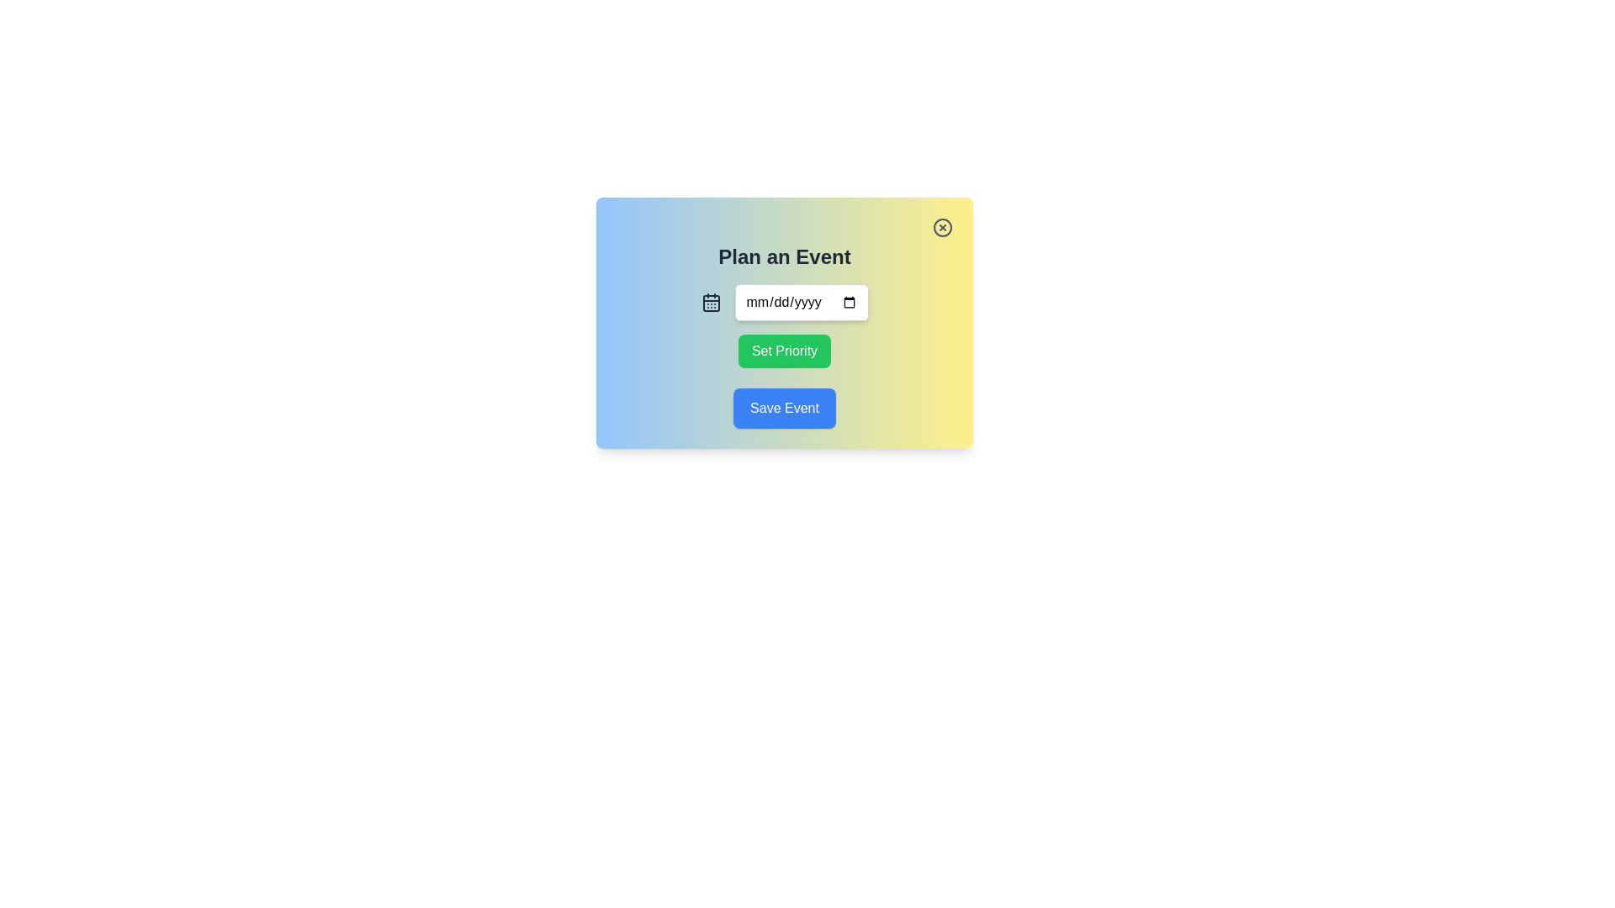  Describe the element at coordinates (783, 409) in the screenshot. I see `the 'Save Event' button, which is styled with a blue background and white text, located at the bottom of the 'Plan an Event' card` at that location.